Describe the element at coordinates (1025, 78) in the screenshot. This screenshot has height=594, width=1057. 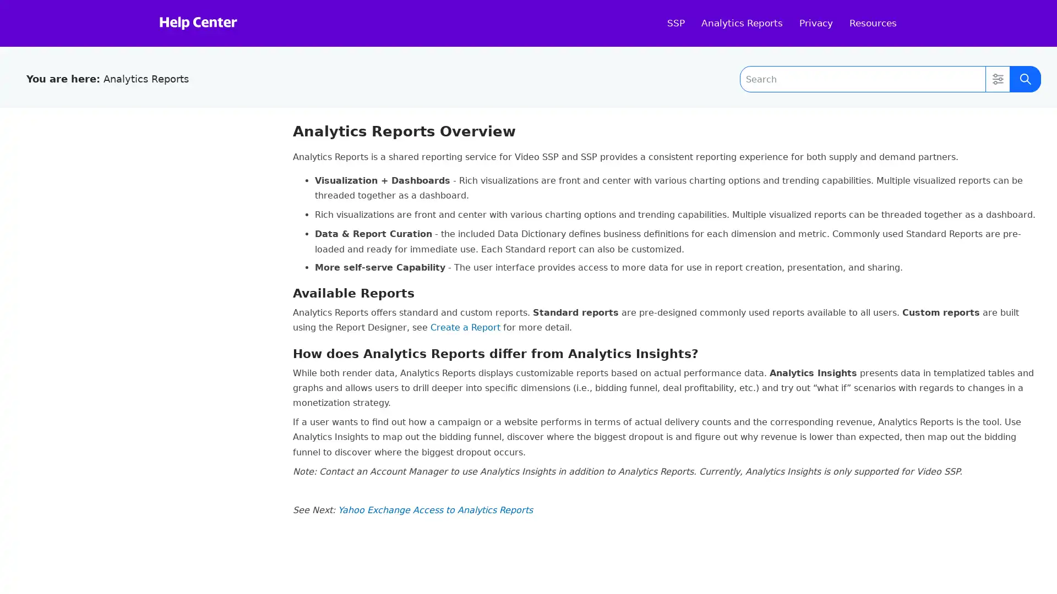
I see `Submit Search` at that location.